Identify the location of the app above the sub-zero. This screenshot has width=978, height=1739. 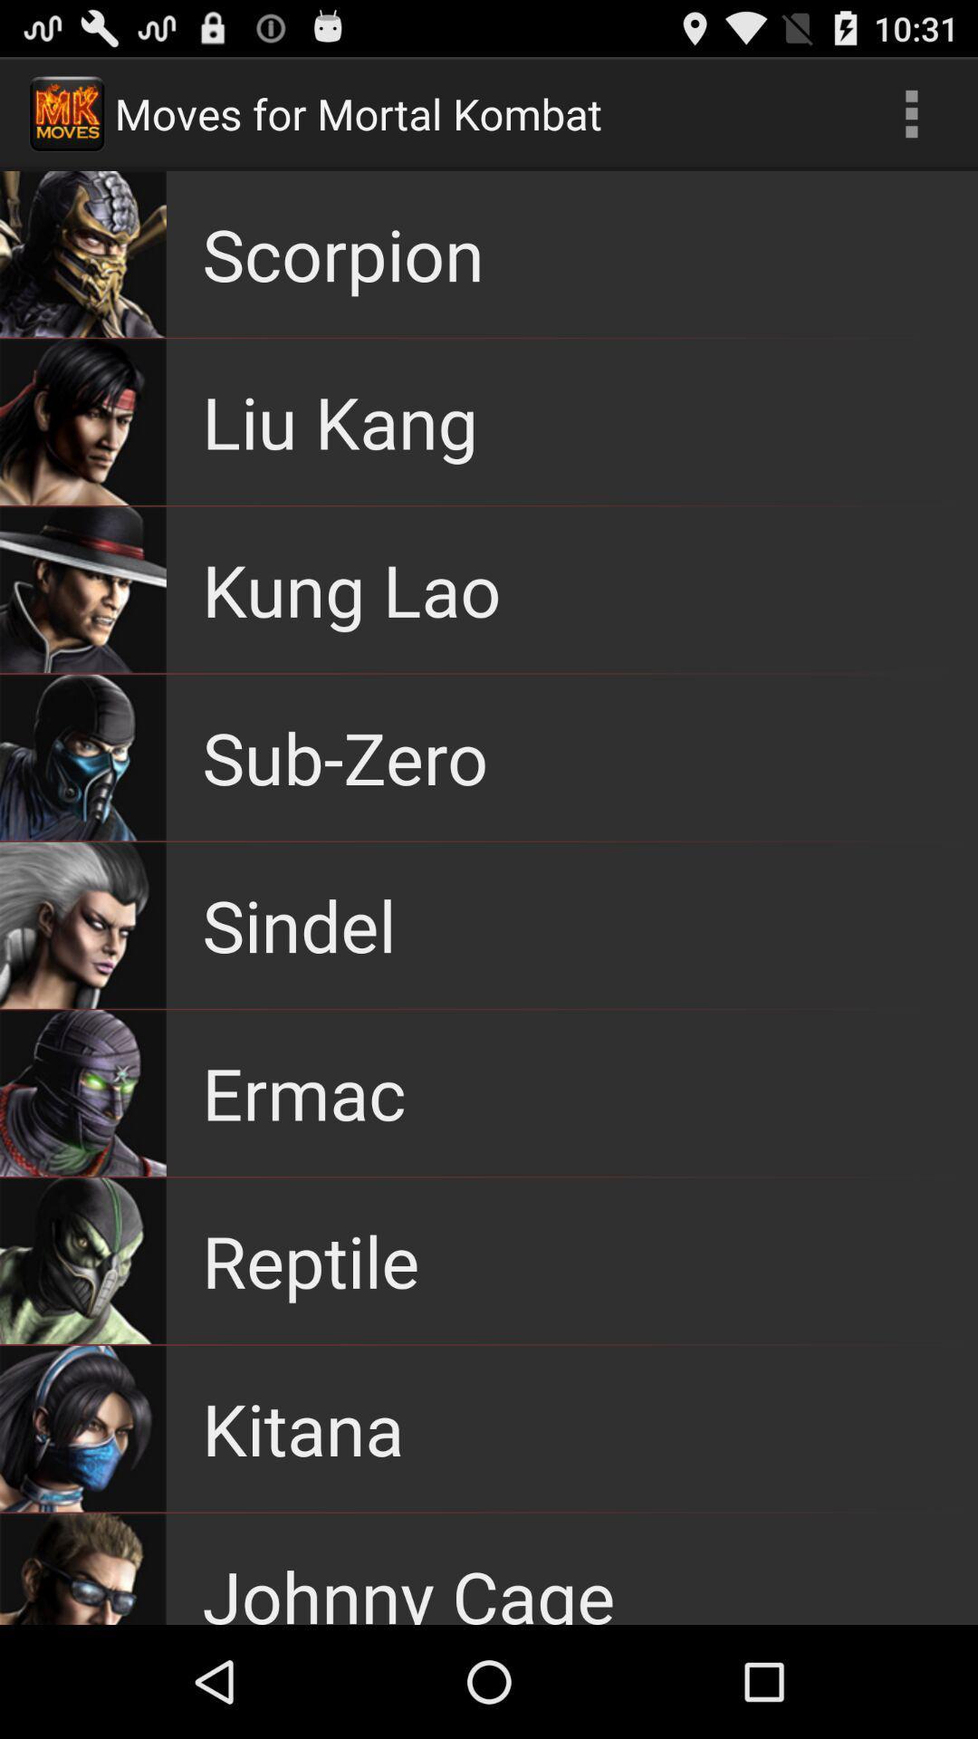
(351, 590).